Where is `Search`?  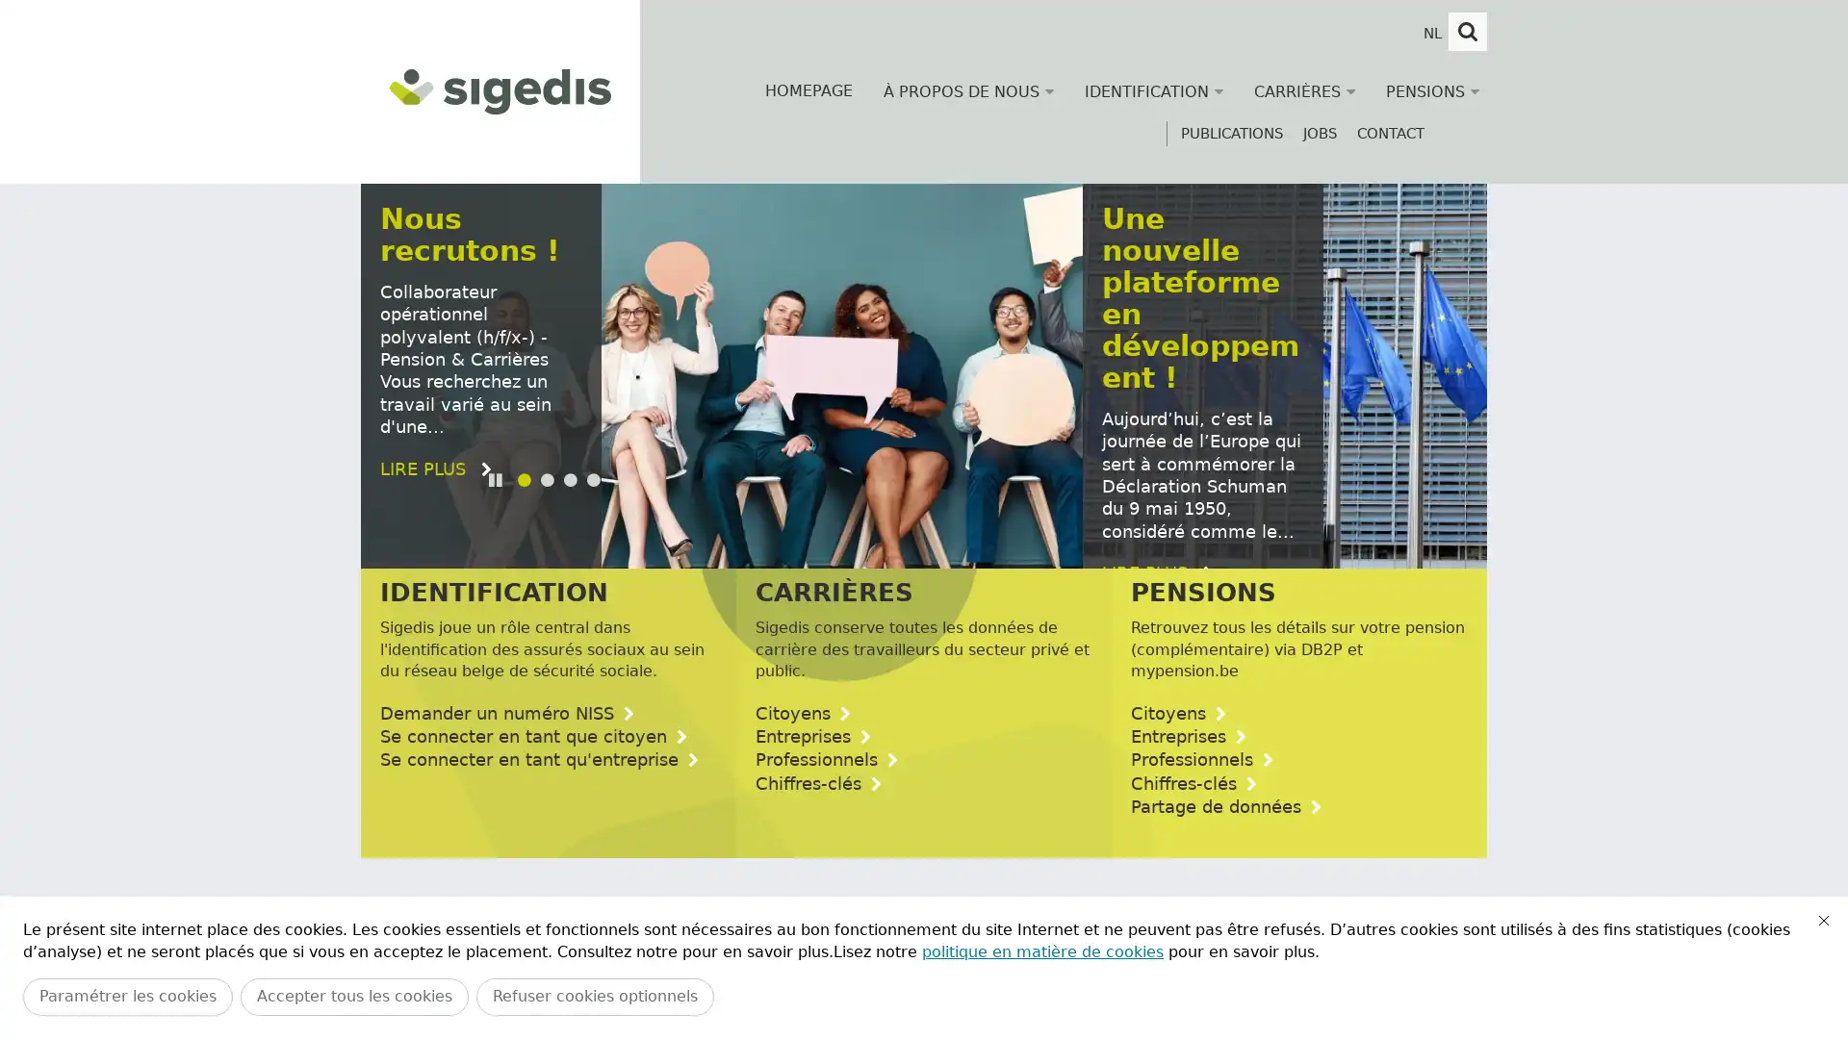
Search is located at coordinates (1467, 32).